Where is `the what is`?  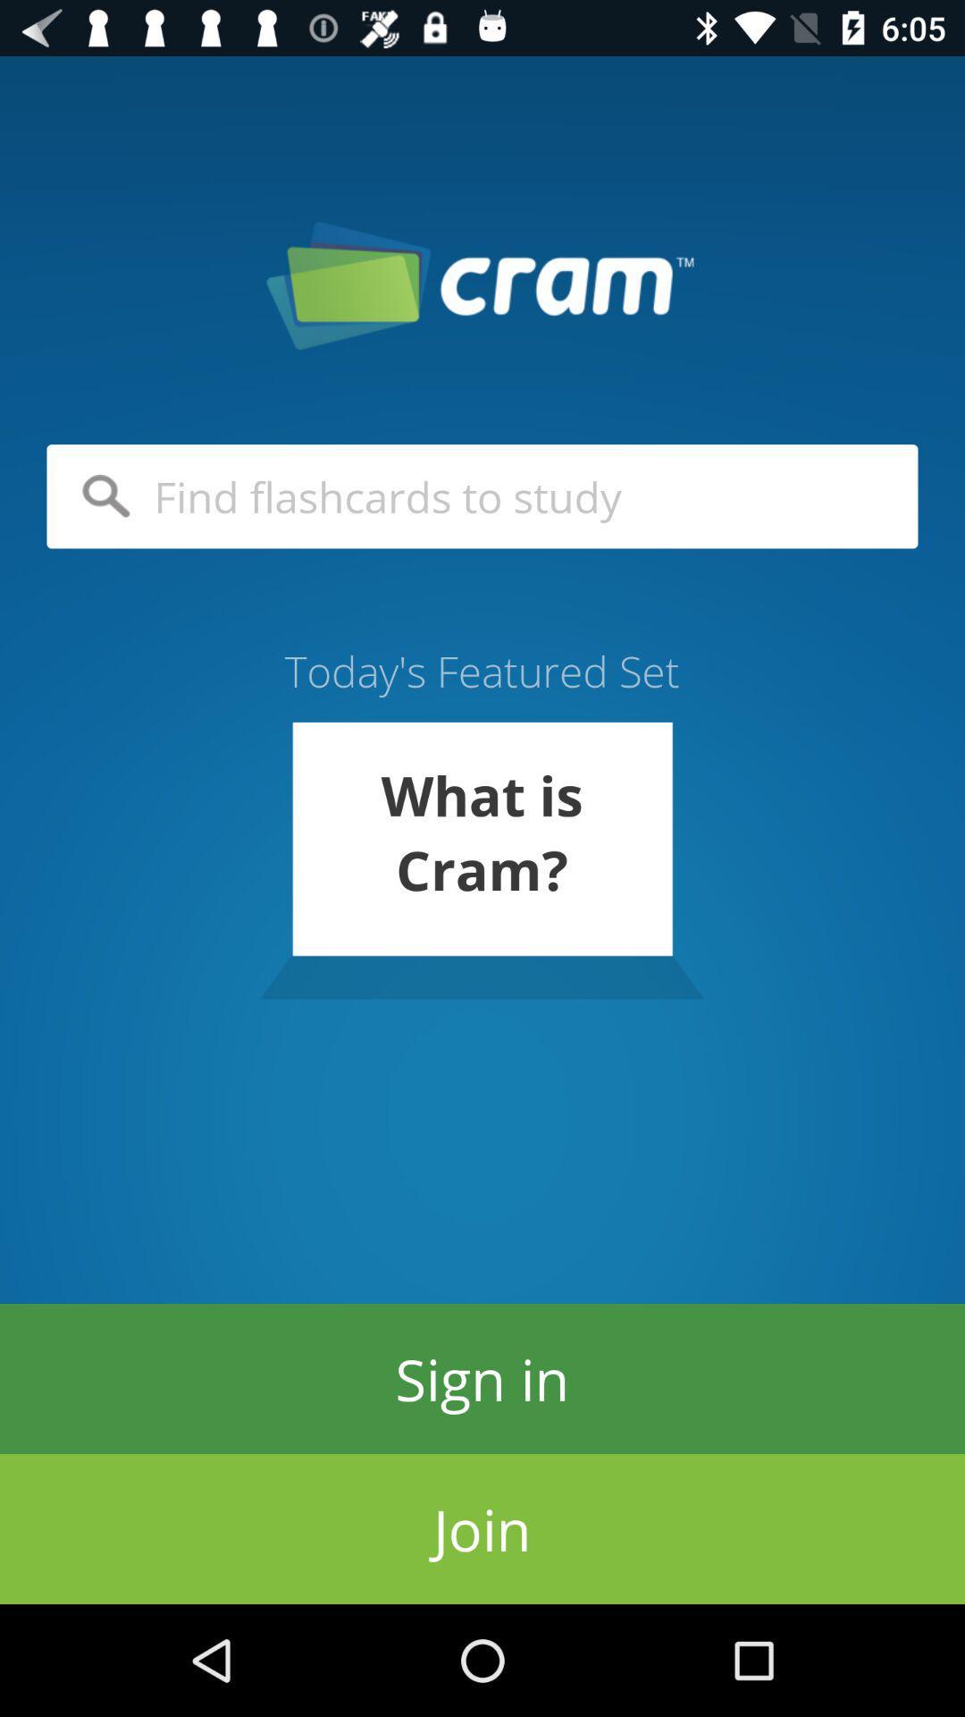
the what is is located at coordinates (481, 860).